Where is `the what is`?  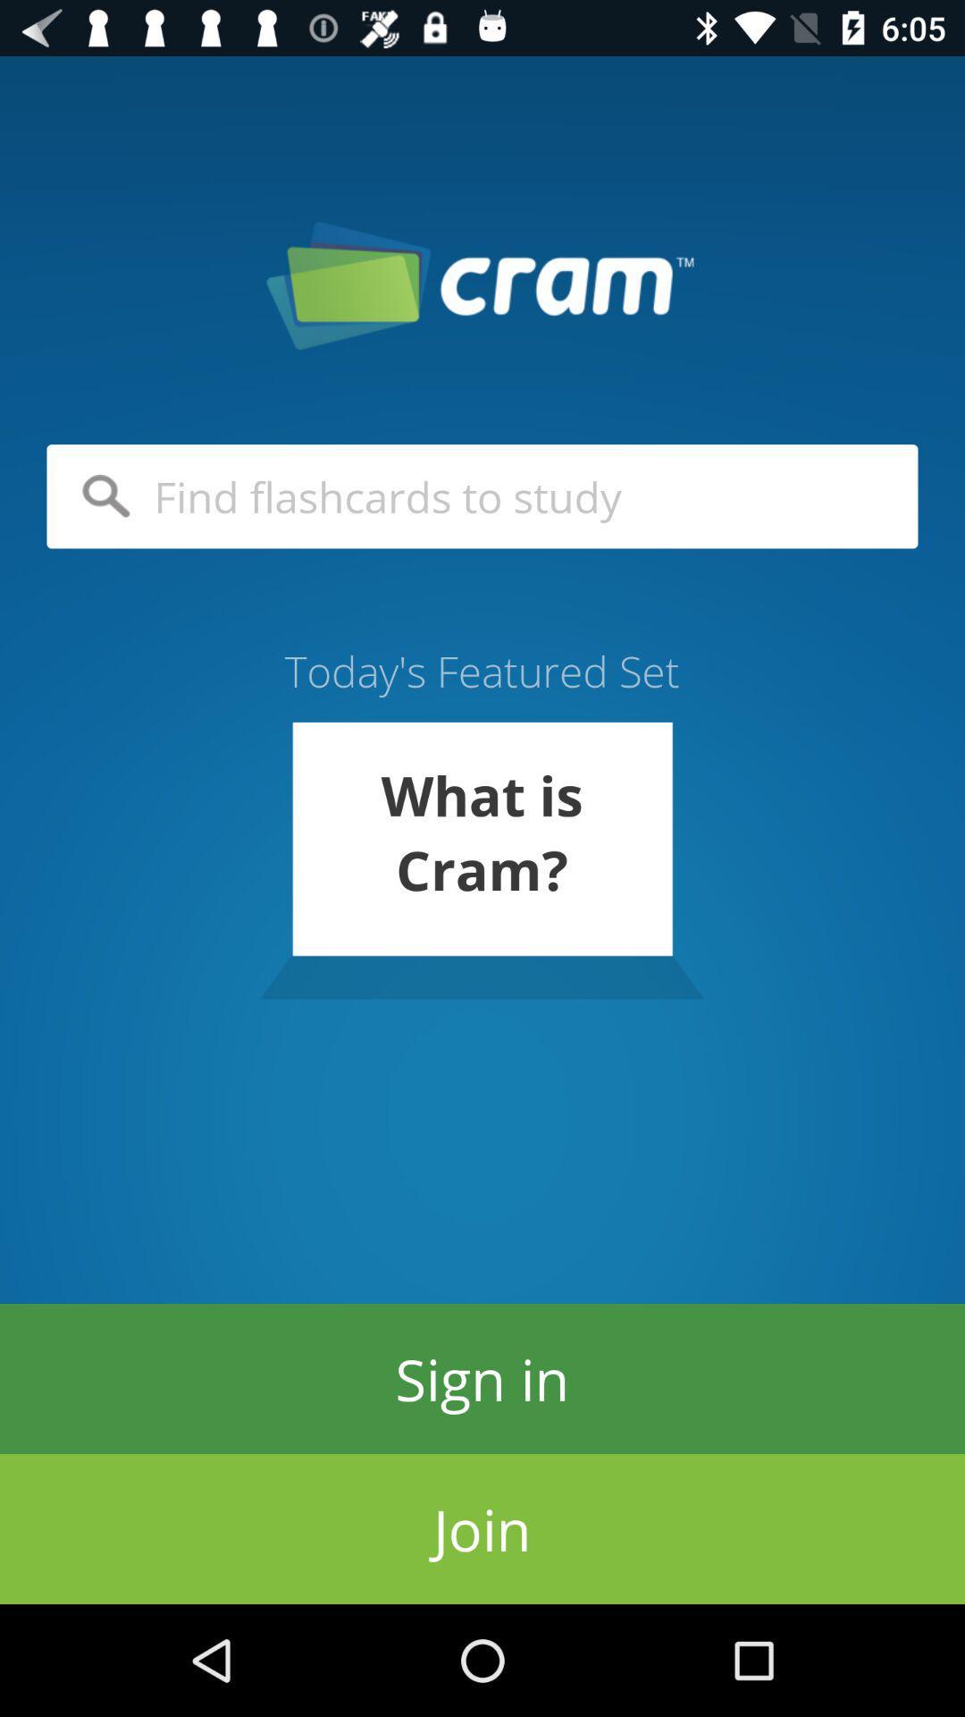
the what is is located at coordinates (481, 860).